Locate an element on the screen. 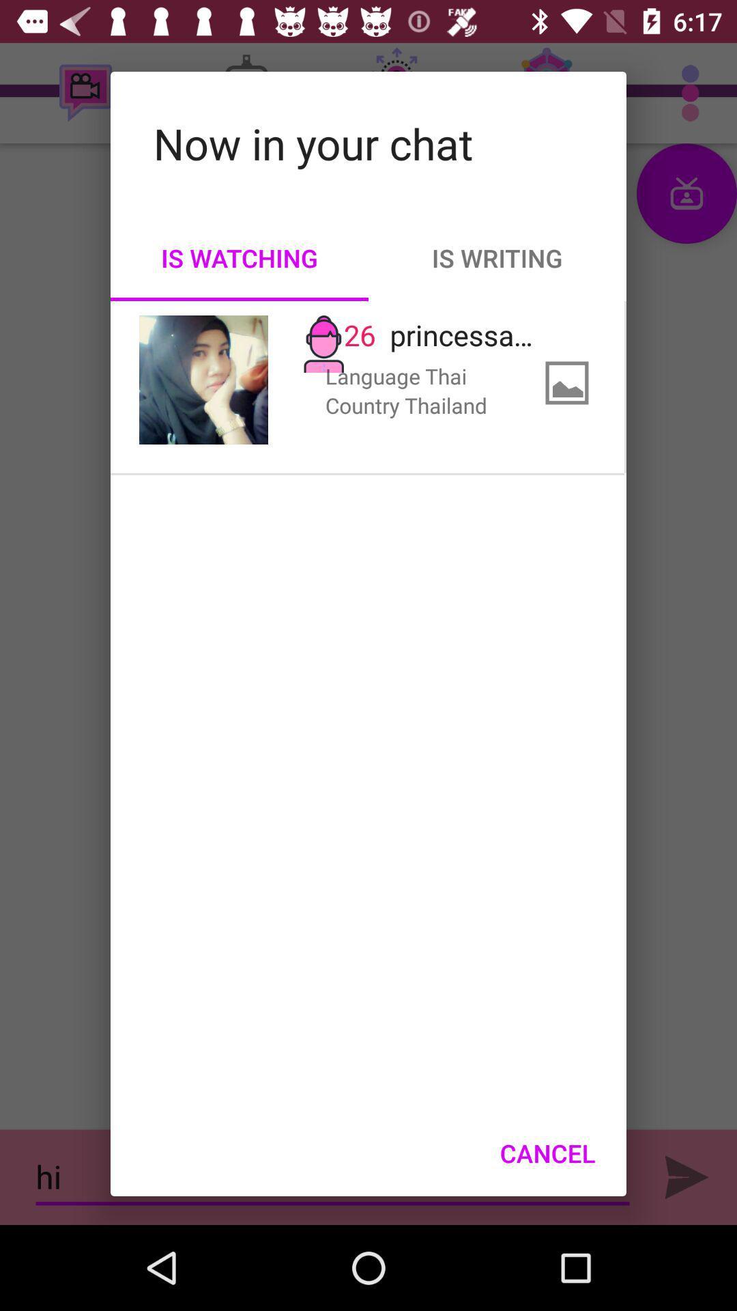 Image resolution: width=737 pixels, height=1311 pixels. icon at the bottom right corner is located at coordinates (547, 1153).